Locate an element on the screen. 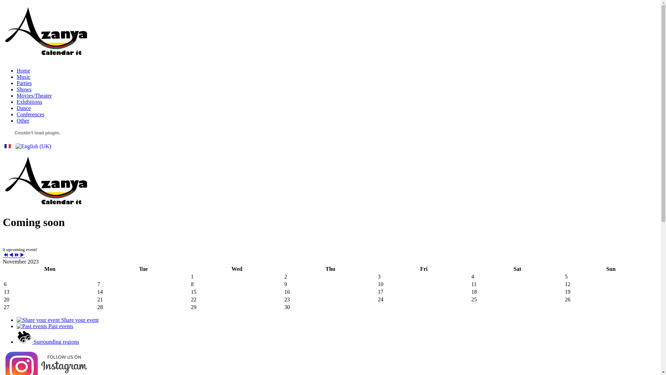 This screenshot has width=666, height=375. 'Shows' is located at coordinates (24, 89).